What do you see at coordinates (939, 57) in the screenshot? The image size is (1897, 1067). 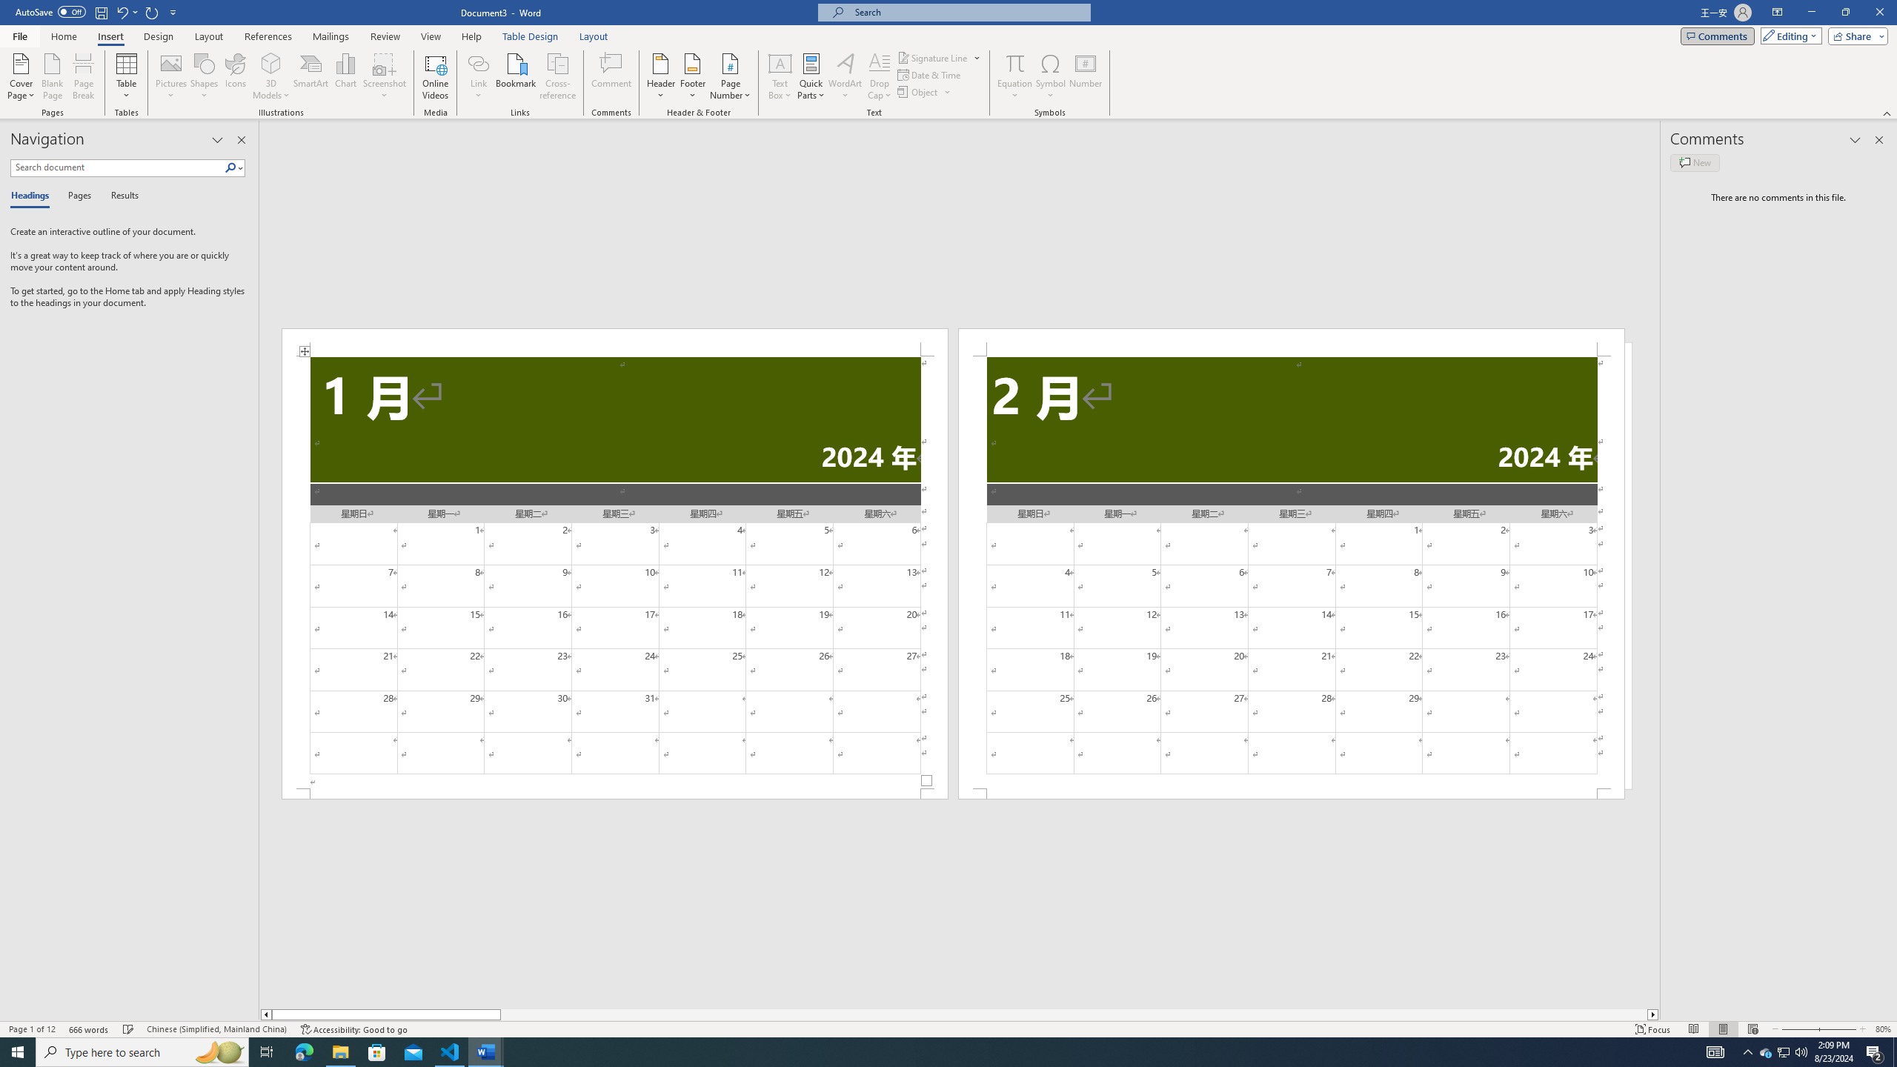 I see `'Signature Line'` at bounding box center [939, 57].